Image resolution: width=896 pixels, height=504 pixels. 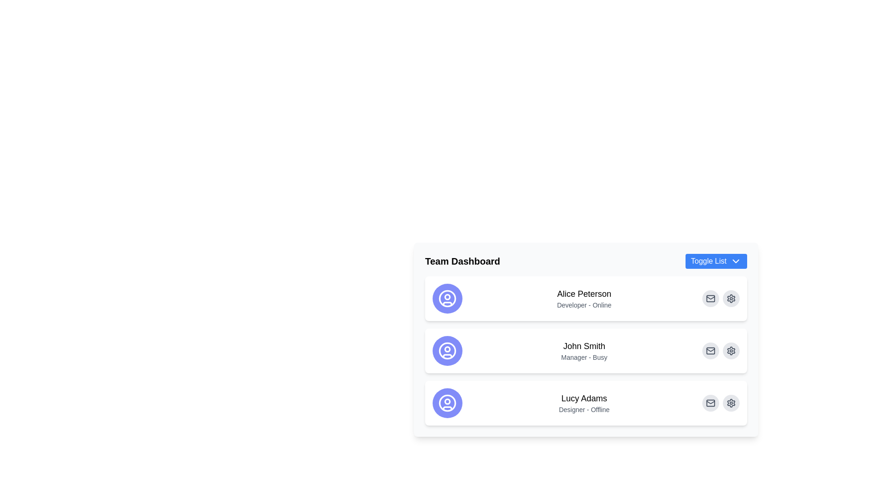 I want to click on the user profile icon that depicts a user silhouette in a circular outline, located on the left side of the first row of user profiles, specifically next to 'Alice Peterson', so click(x=447, y=299).